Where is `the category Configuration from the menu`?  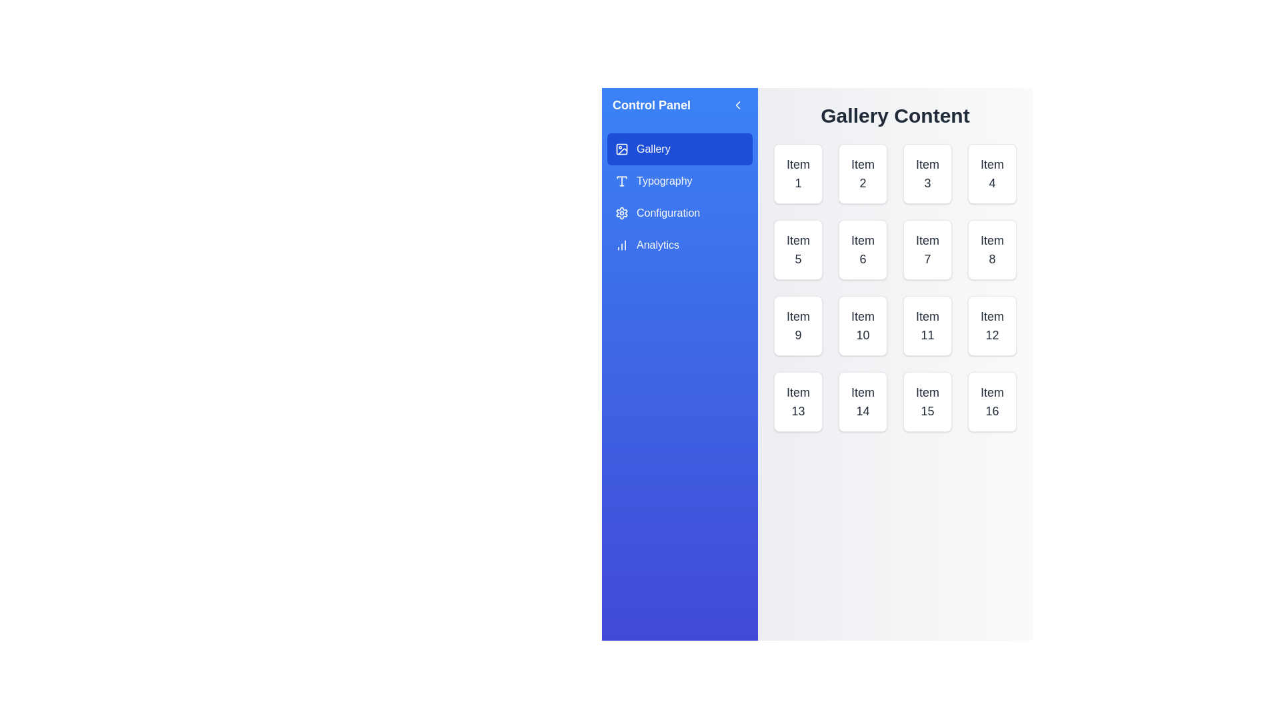 the category Configuration from the menu is located at coordinates (679, 213).